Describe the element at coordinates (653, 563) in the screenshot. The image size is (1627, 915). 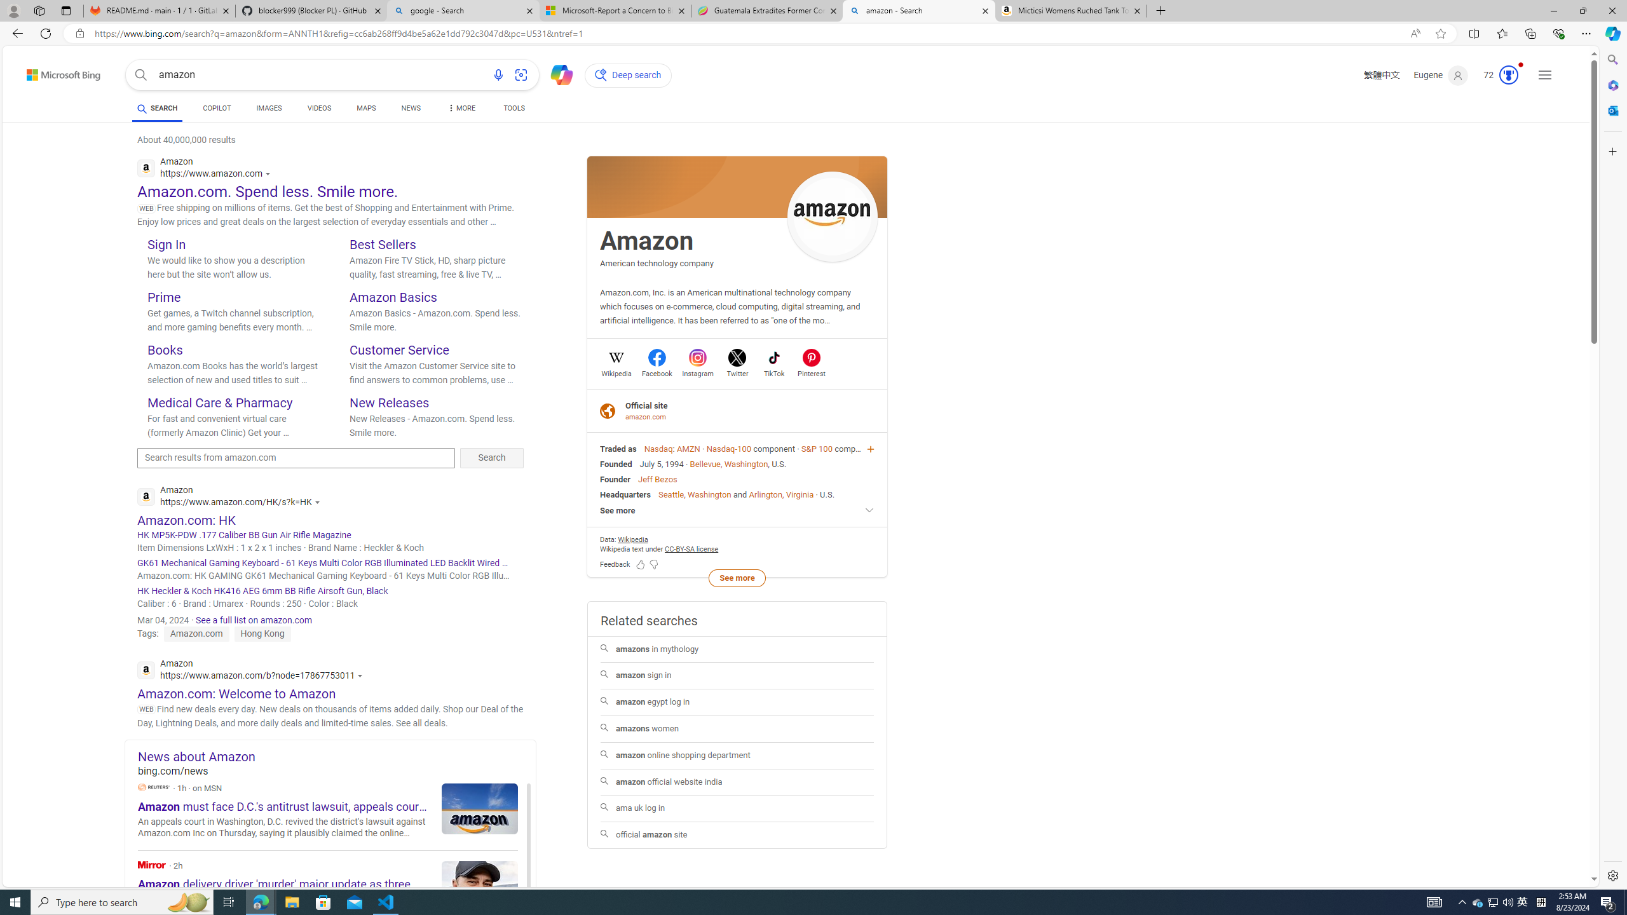
I see `'Feedback Dislike'` at that location.